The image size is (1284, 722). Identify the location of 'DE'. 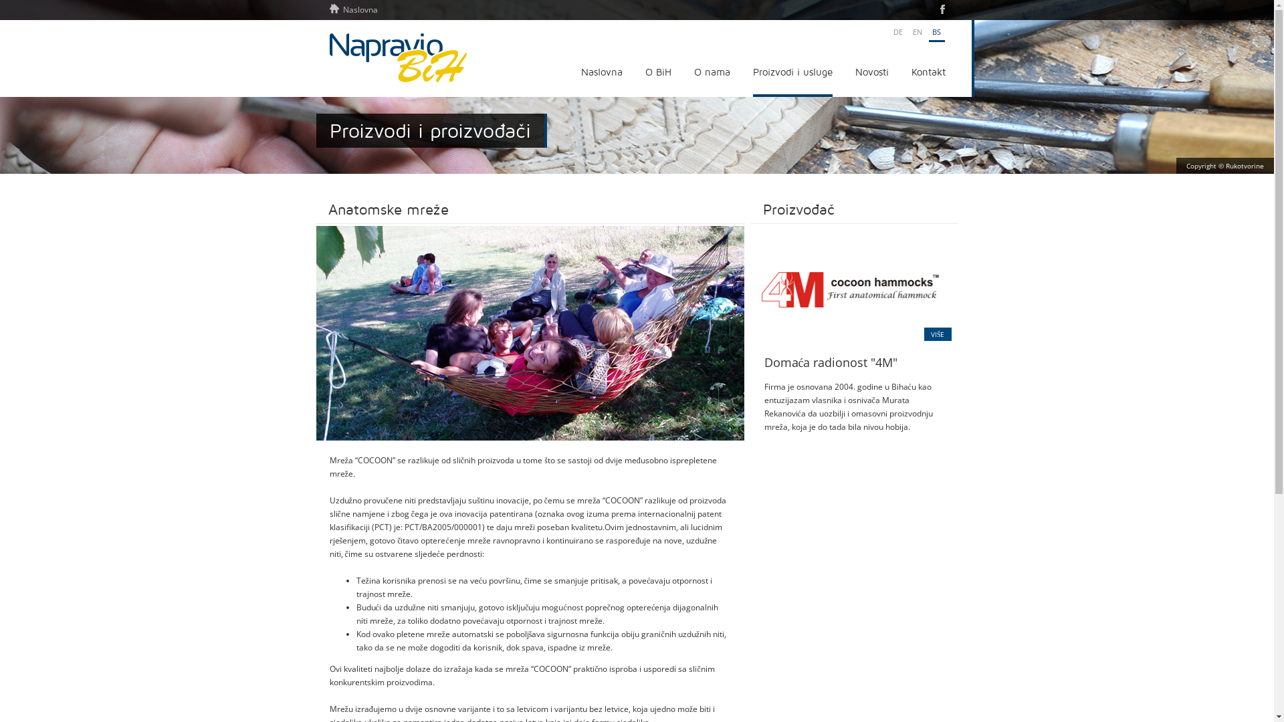
(897, 31).